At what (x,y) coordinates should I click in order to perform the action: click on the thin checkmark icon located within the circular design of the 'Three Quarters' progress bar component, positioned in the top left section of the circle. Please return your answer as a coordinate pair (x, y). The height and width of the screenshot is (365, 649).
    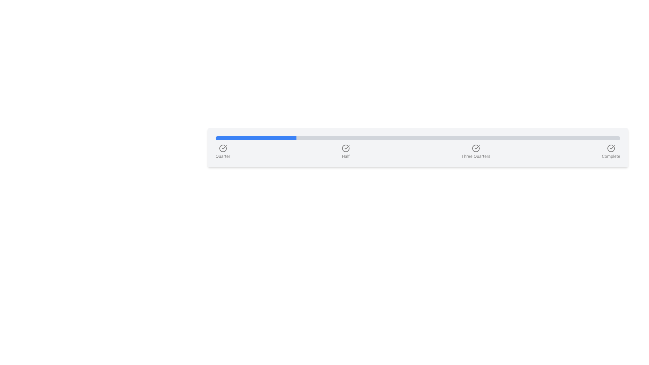
    Looking at the image, I should click on (477, 147).